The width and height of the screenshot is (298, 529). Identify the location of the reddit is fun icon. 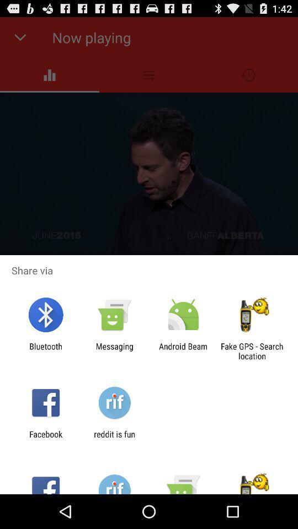
(114, 439).